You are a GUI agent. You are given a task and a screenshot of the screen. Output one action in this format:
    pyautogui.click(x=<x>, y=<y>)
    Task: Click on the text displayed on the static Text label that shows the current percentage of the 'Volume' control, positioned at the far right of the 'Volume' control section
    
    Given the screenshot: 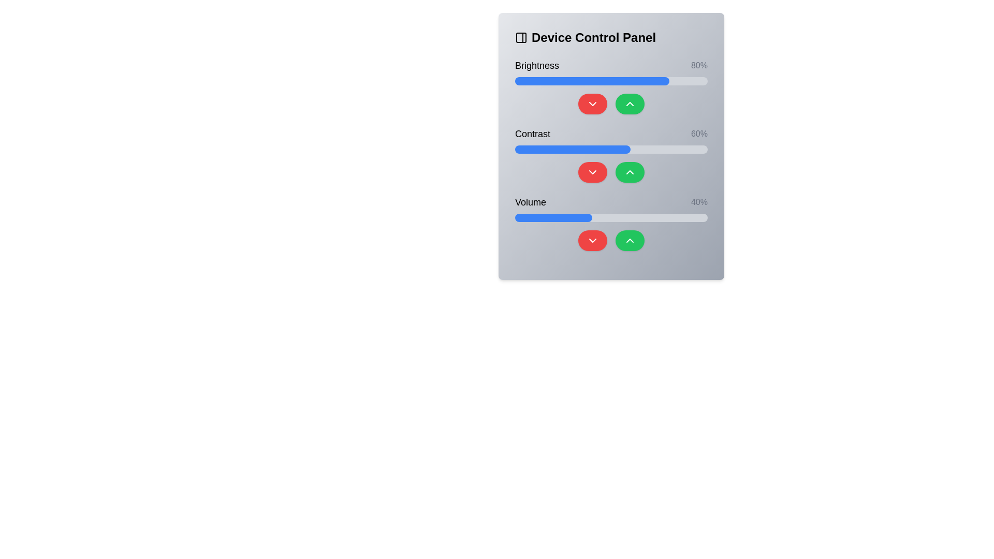 What is the action you would take?
    pyautogui.click(x=699, y=202)
    